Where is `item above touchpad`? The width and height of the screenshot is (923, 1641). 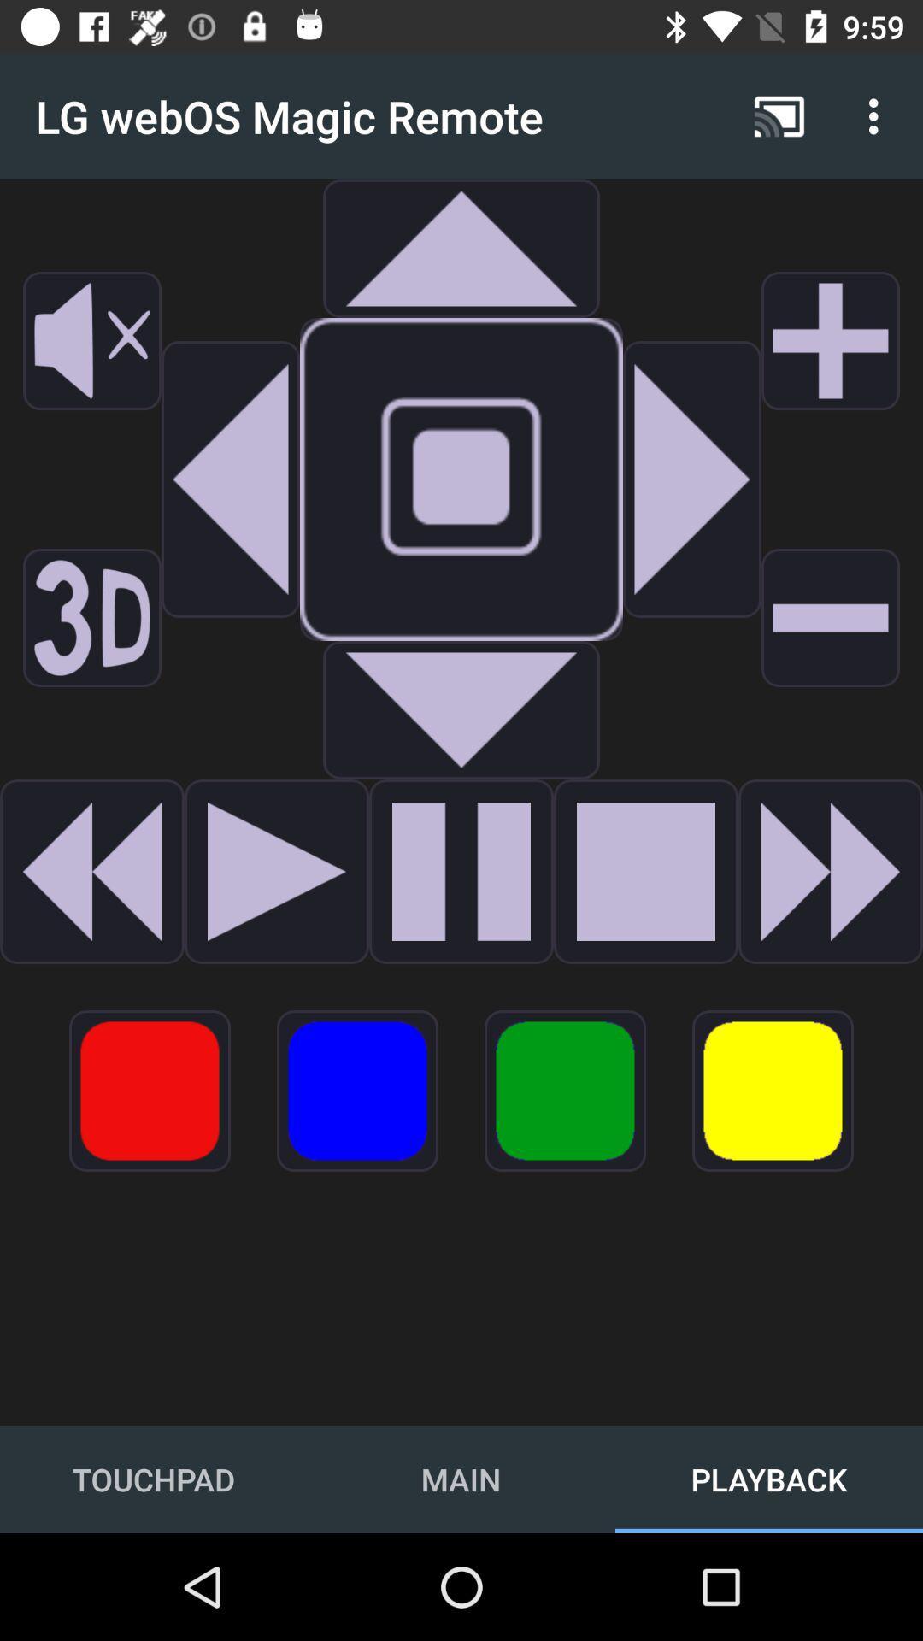
item above touchpad is located at coordinates (149, 1090).